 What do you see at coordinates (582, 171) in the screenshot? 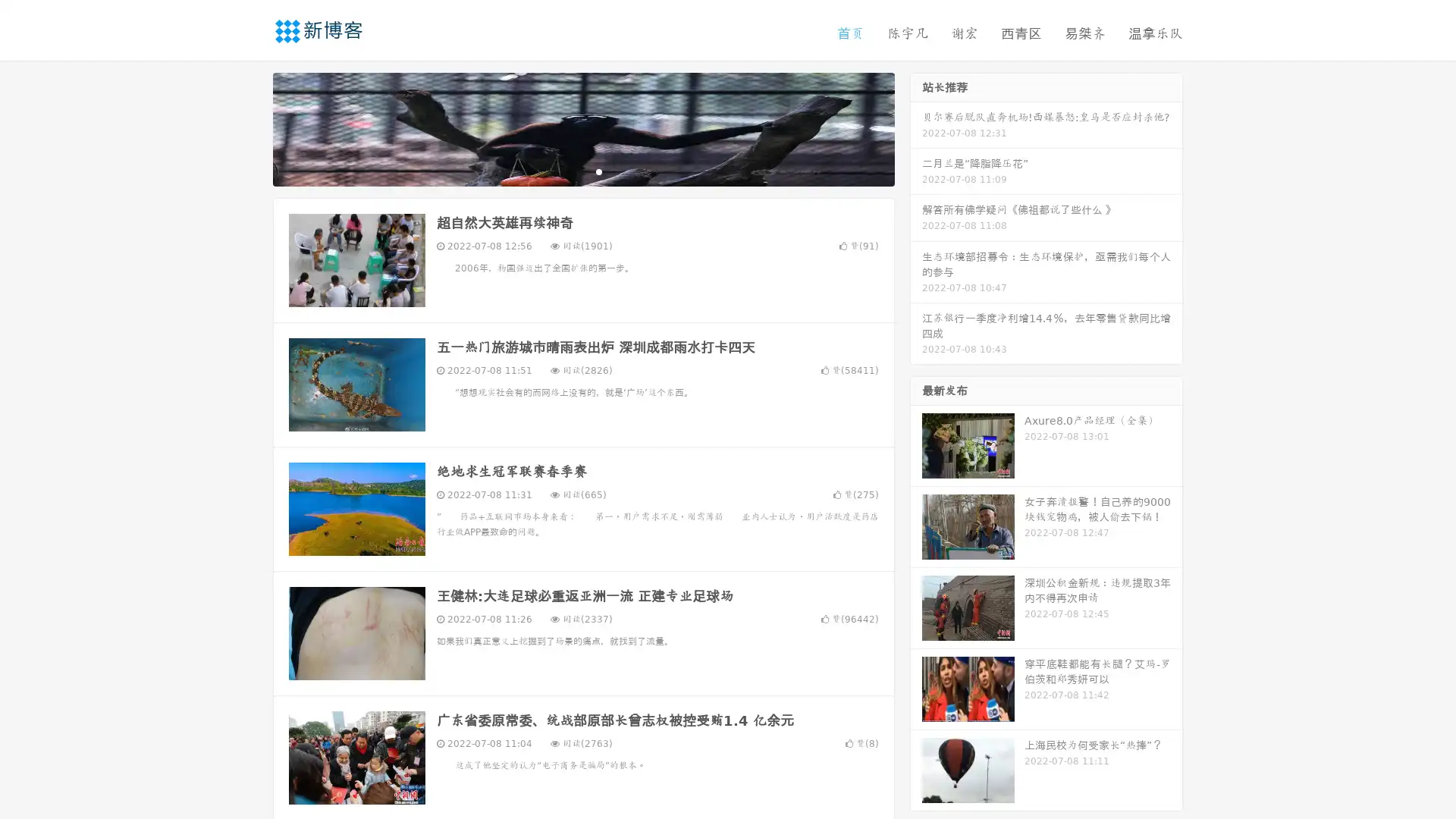
I see `Go to slide 2` at bounding box center [582, 171].